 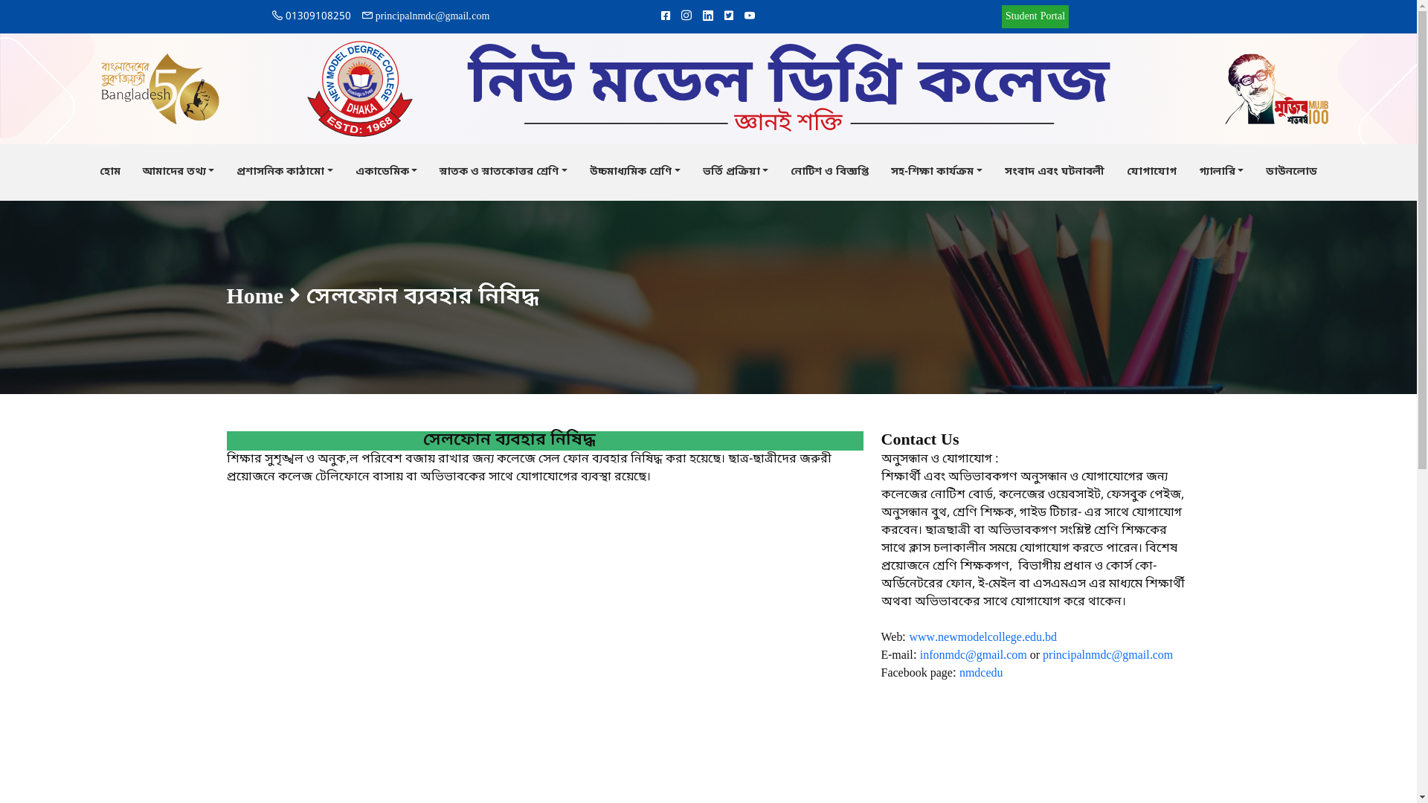 I want to click on '01309108250', so click(x=310, y=16).